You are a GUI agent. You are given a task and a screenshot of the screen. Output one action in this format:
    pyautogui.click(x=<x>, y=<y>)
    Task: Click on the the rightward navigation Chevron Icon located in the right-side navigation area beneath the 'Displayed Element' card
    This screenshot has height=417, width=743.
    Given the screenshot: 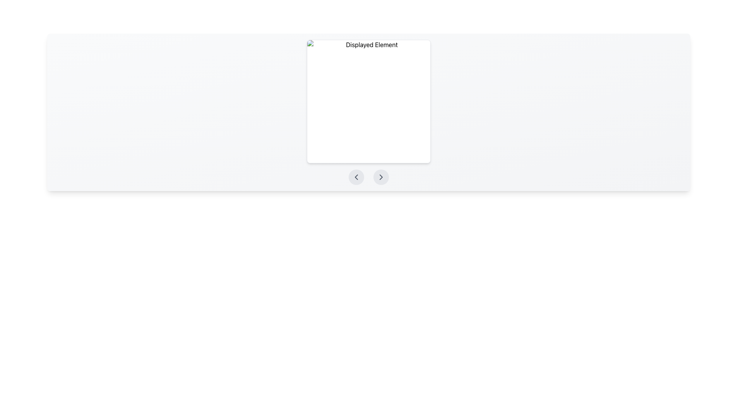 What is the action you would take?
    pyautogui.click(x=381, y=177)
    